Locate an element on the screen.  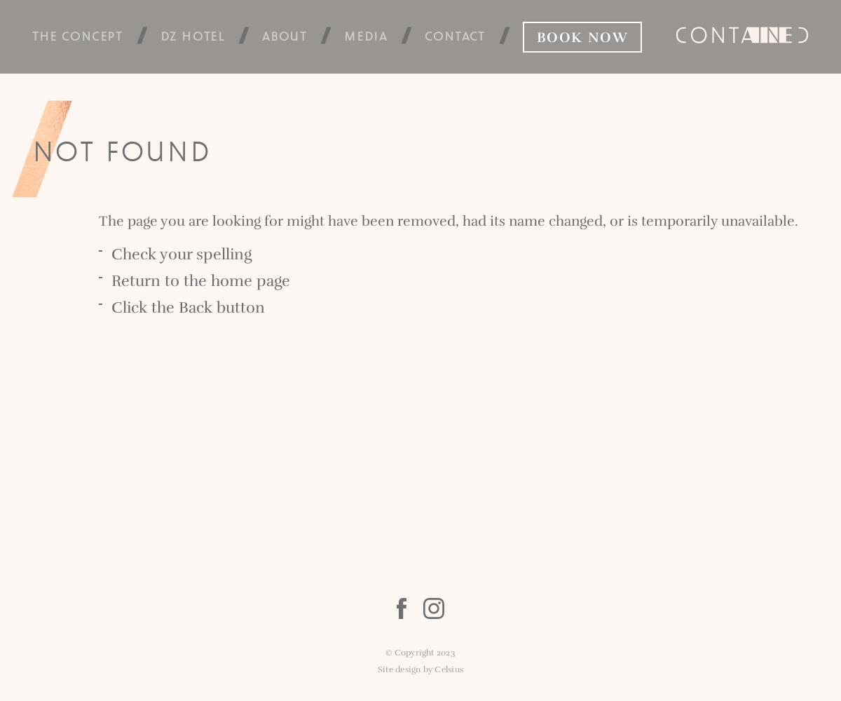
'Return to the' is located at coordinates (160, 280).